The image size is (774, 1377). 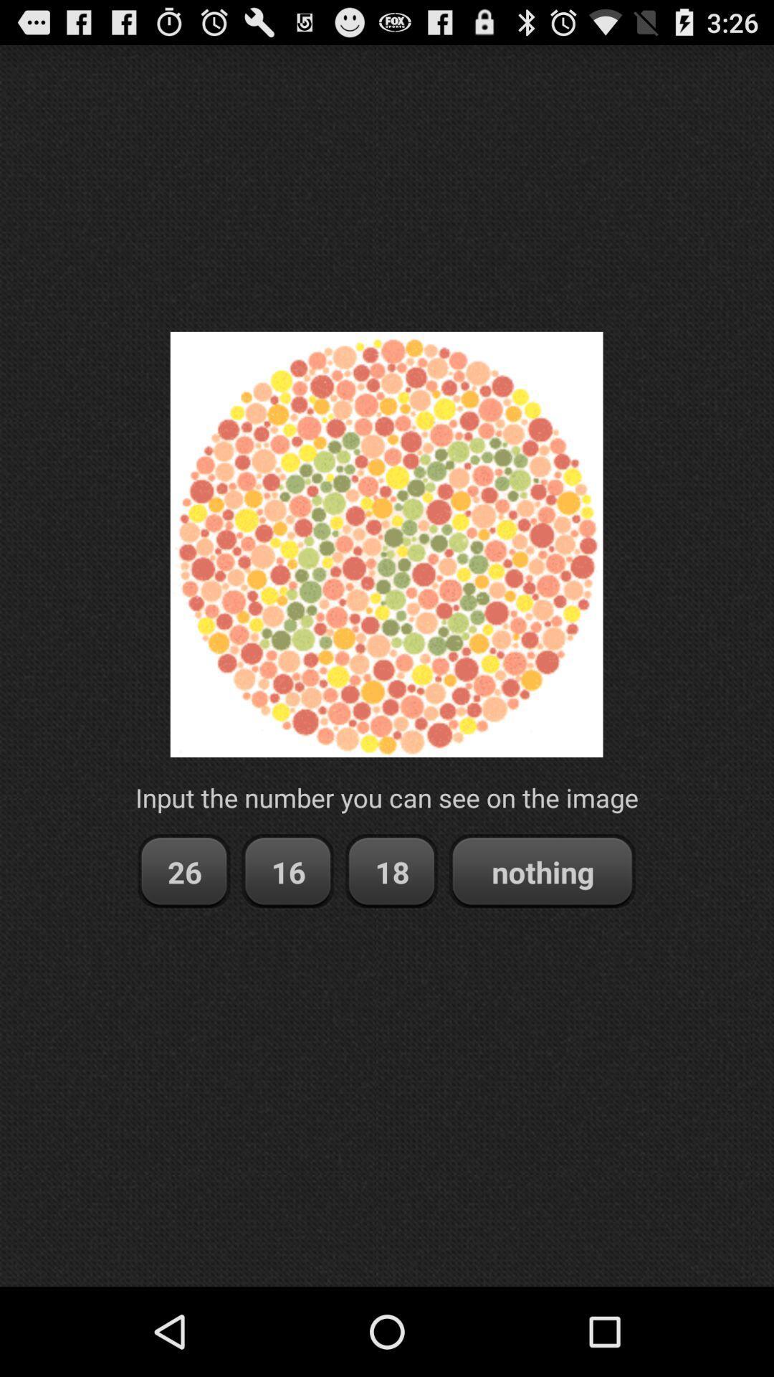 I want to click on item below the input the number app, so click(x=287, y=871).